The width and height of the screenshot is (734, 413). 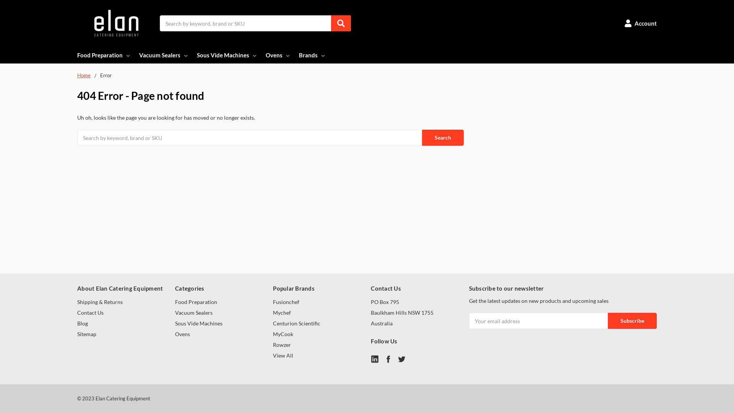 I want to click on 'Elan Catering Equipment', so click(x=115, y=23).